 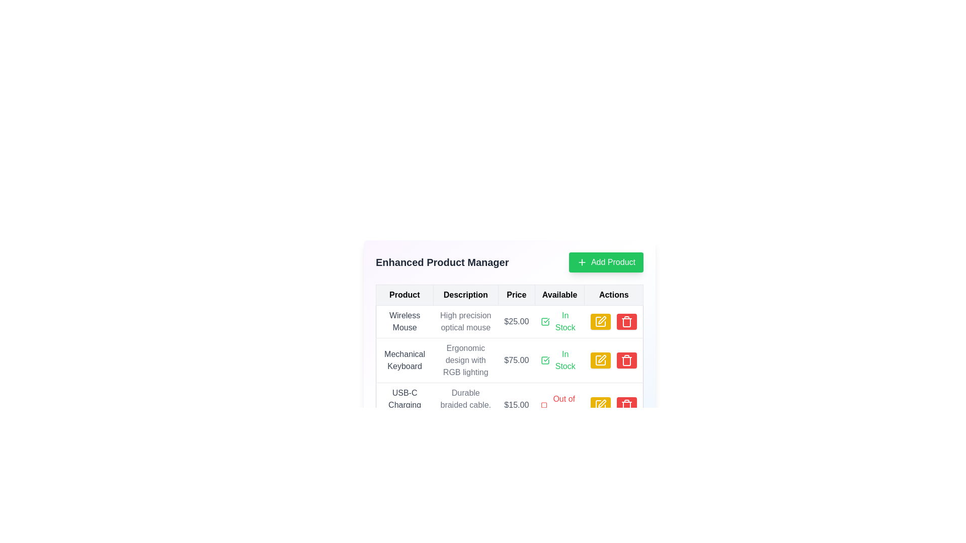 I want to click on the price label displaying '$75.00' in the 'Price' column of the product table, which is located in the second row following the description 'Ergonomic design with RGB lighting', so click(x=516, y=360).